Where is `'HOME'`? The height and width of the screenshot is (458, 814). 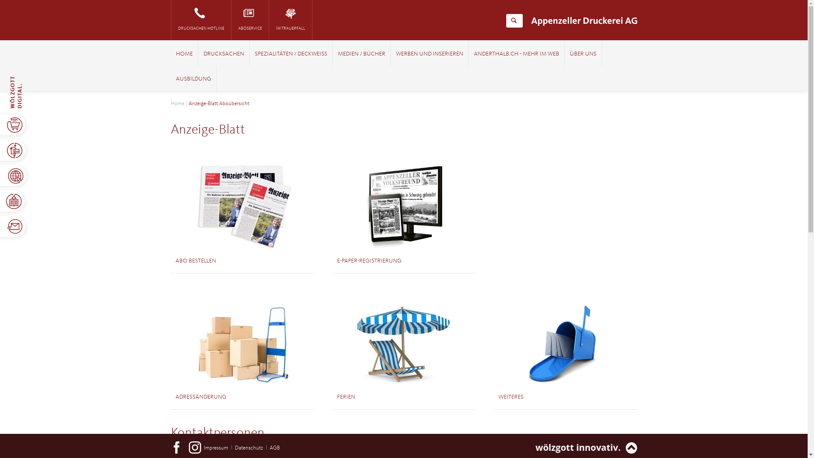 'HOME' is located at coordinates (175, 54).